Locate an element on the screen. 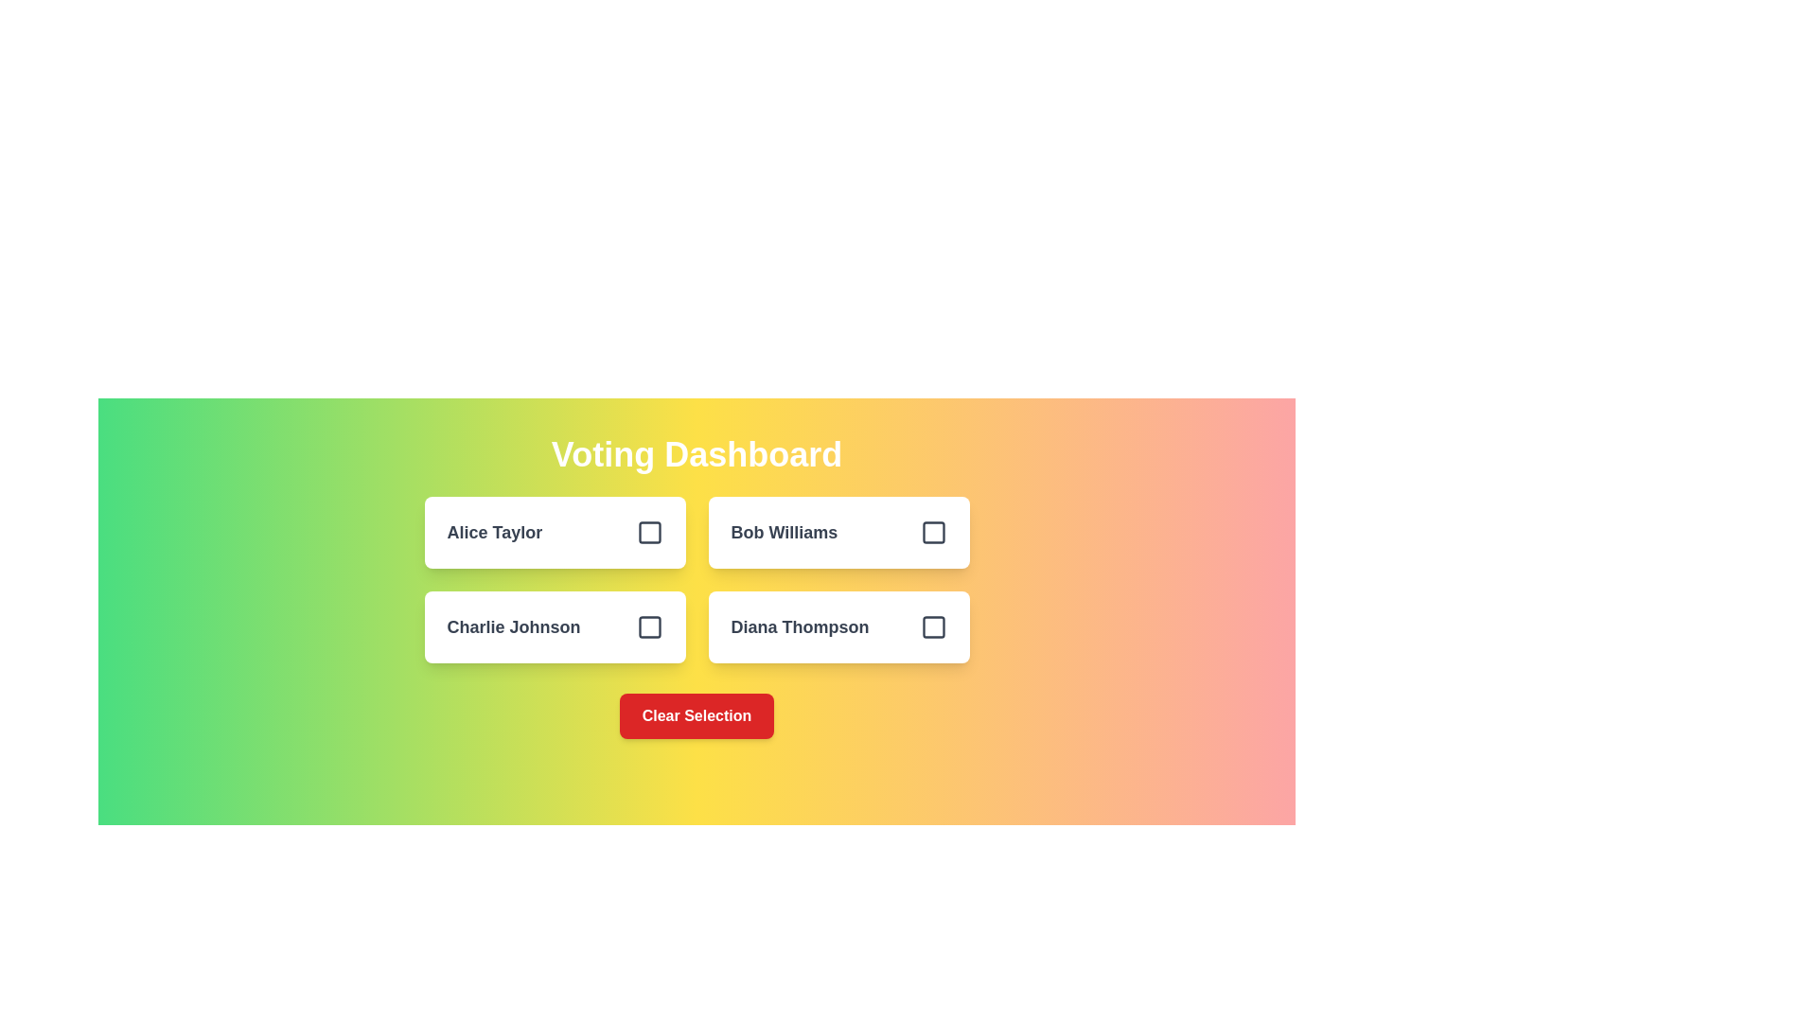 The image size is (1817, 1022). the candidate item Charlie Johnson to observe the hover effect is located at coordinates (554, 627).